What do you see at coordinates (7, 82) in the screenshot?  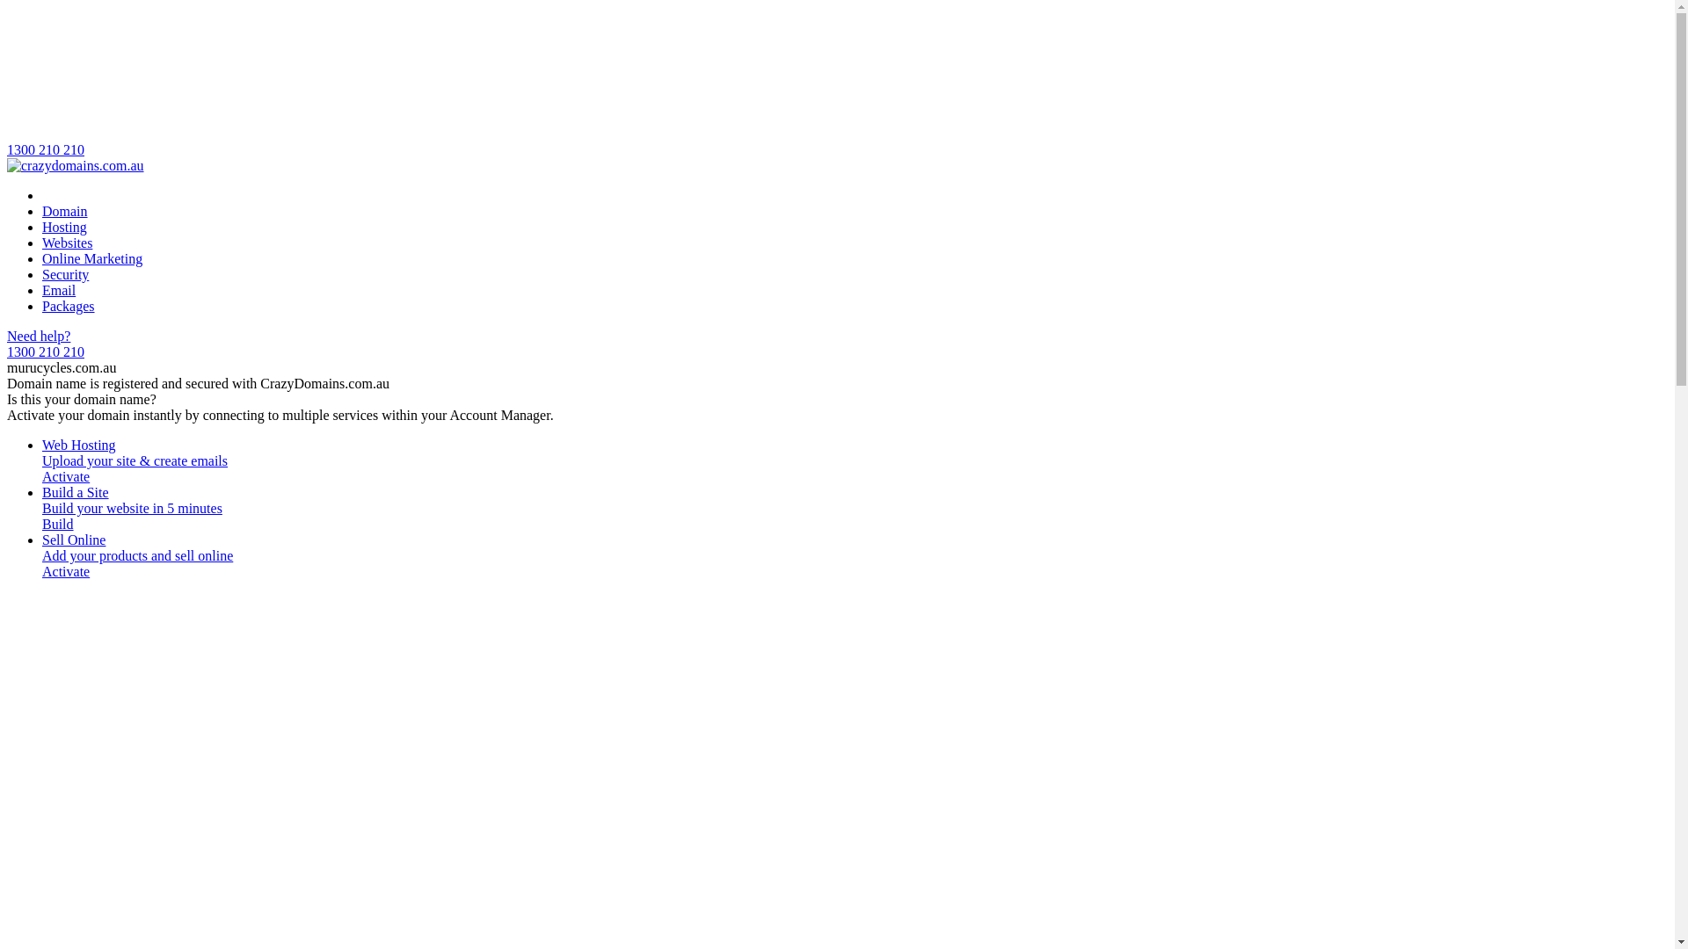 I see `'1300 210 210'` at bounding box center [7, 82].